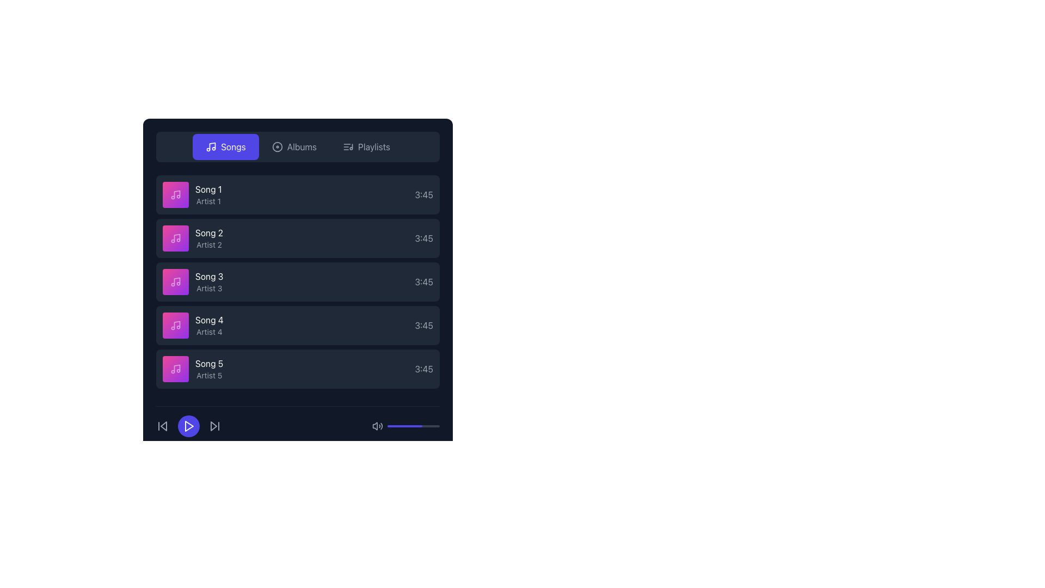  I want to click on on the progress bar located in the lower right section of the interface, so click(413, 426).